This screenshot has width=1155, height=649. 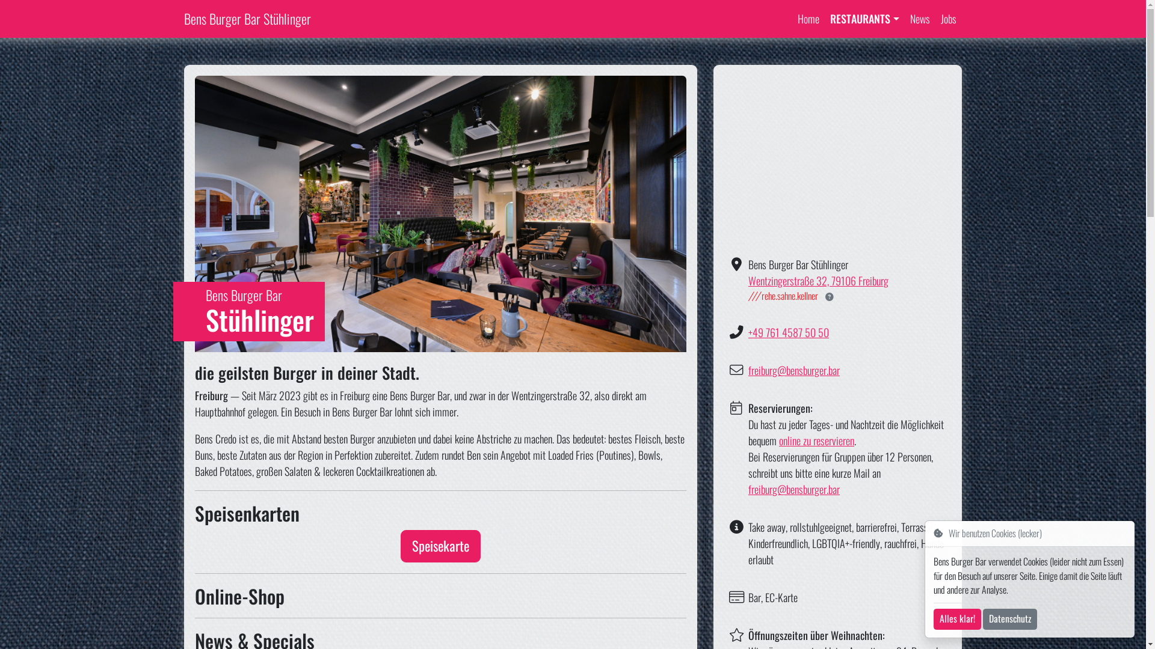 I want to click on '+49 761 4587 50 50', so click(x=788, y=332).